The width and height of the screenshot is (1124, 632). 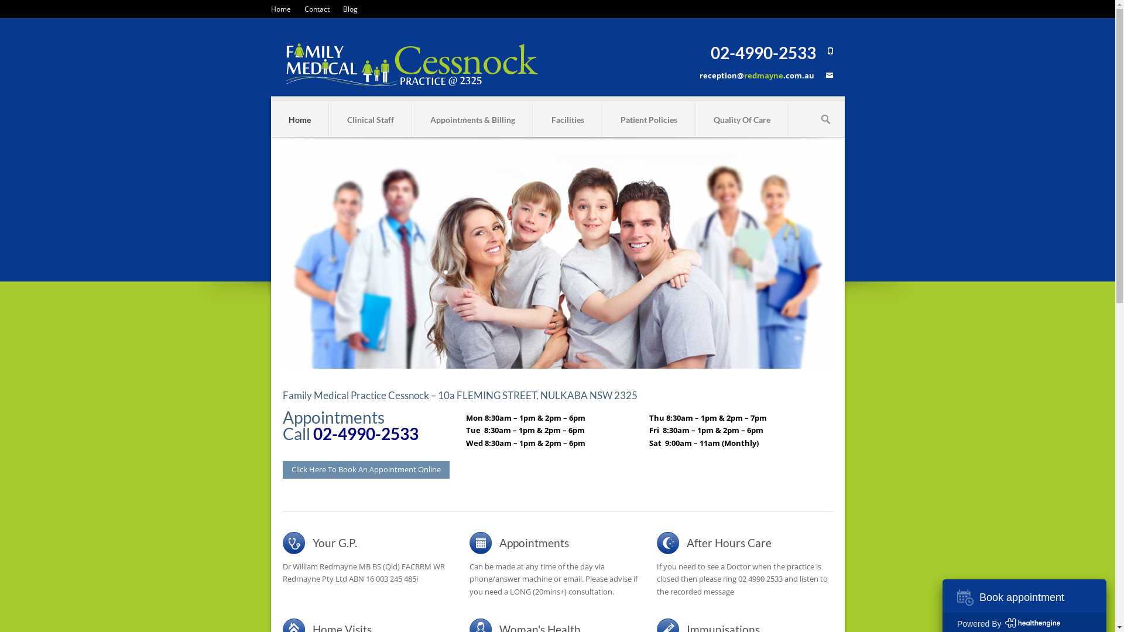 What do you see at coordinates (648, 119) in the screenshot?
I see `'Patient Policies'` at bounding box center [648, 119].